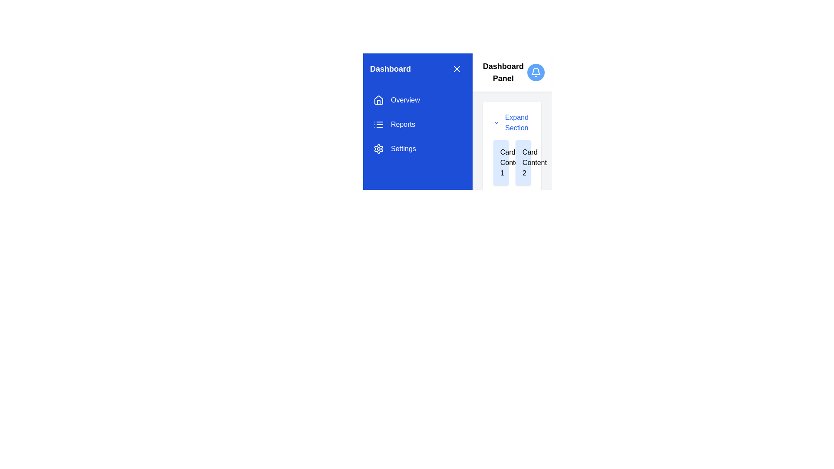 The image size is (834, 469). What do you see at coordinates (456, 68) in the screenshot?
I see `the close button located at the top-right corner of the blue sidebar next to the 'Dashboard' text` at bounding box center [456, 68].